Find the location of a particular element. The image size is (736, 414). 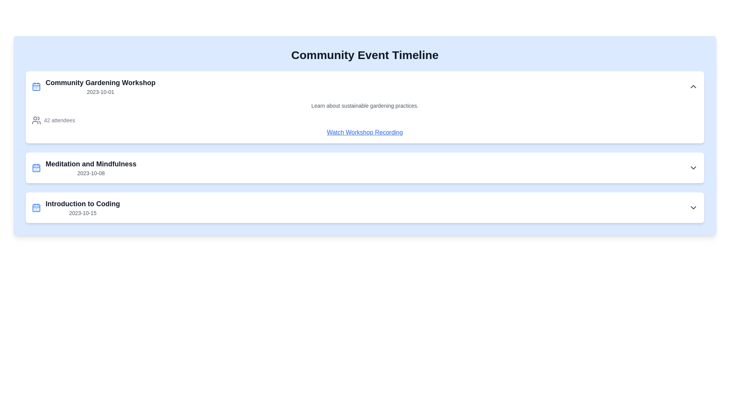

displayed date '2023-10-08' from the text label located under the title 'Meditation and Mindfulness' is located at coordinates (91, 173).